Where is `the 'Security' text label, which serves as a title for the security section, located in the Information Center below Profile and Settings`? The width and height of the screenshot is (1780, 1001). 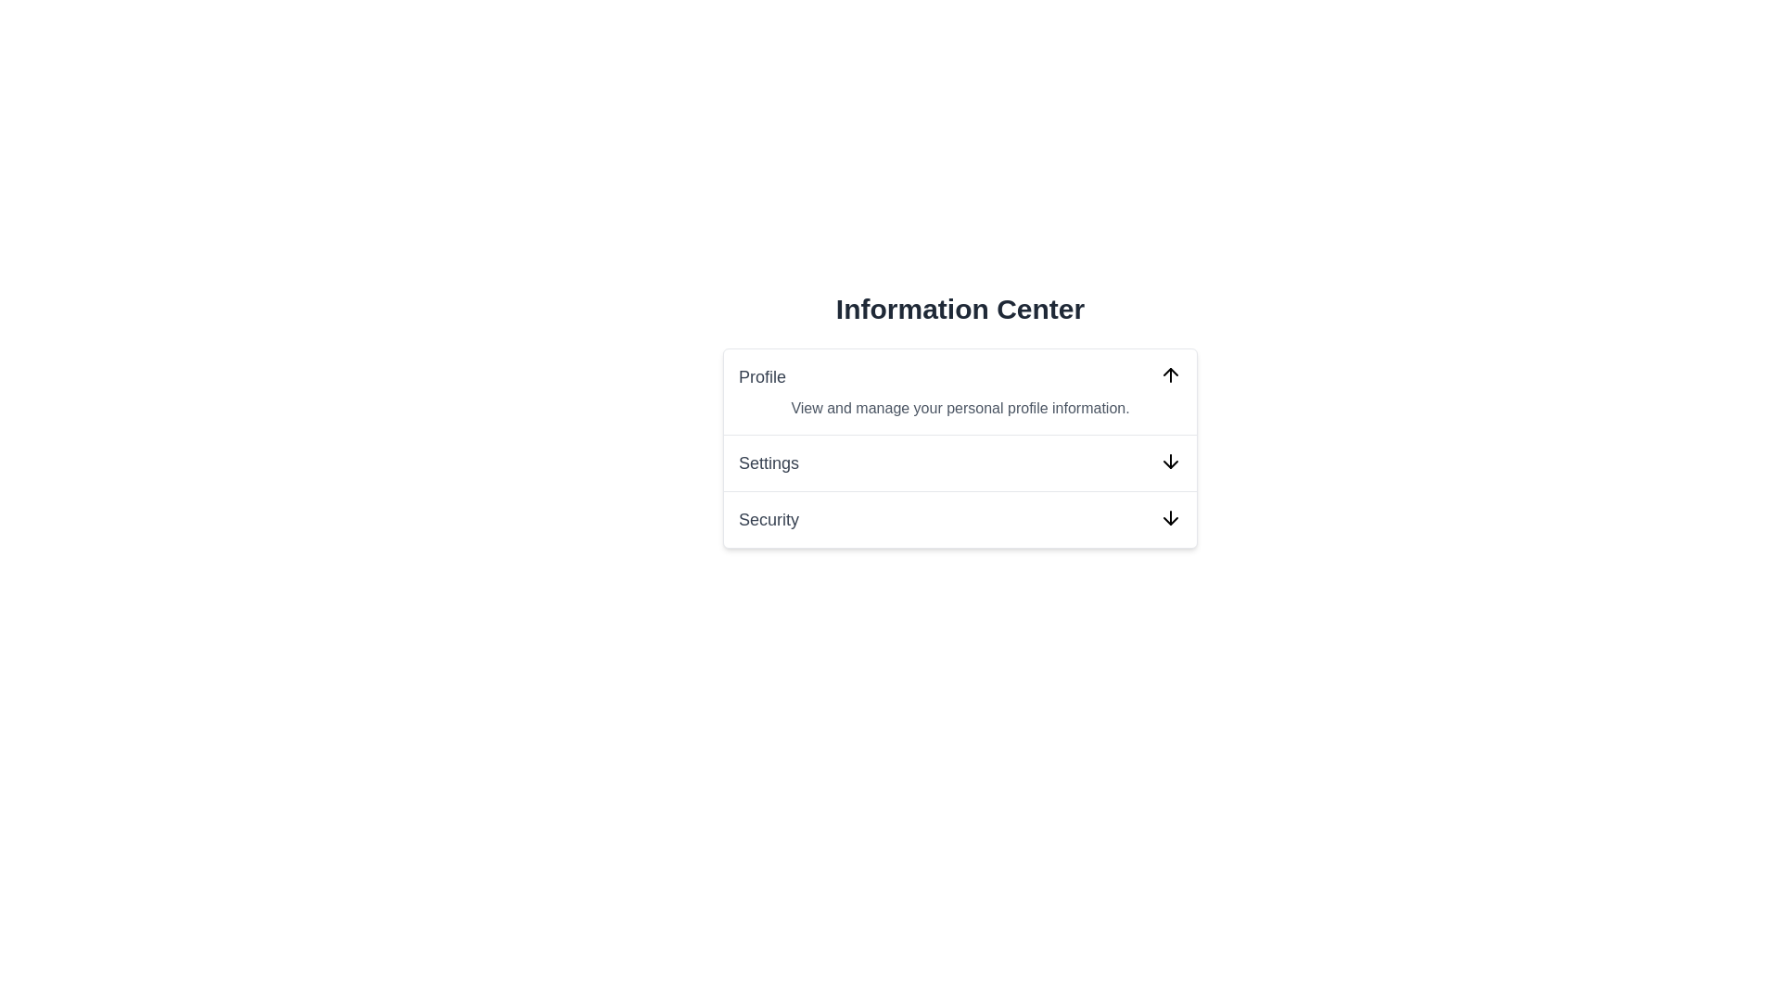 the 'Security' text label, which serves as a title for the security section, located in the Information Center below Profile and Settings is located at coordinates (769, 519).